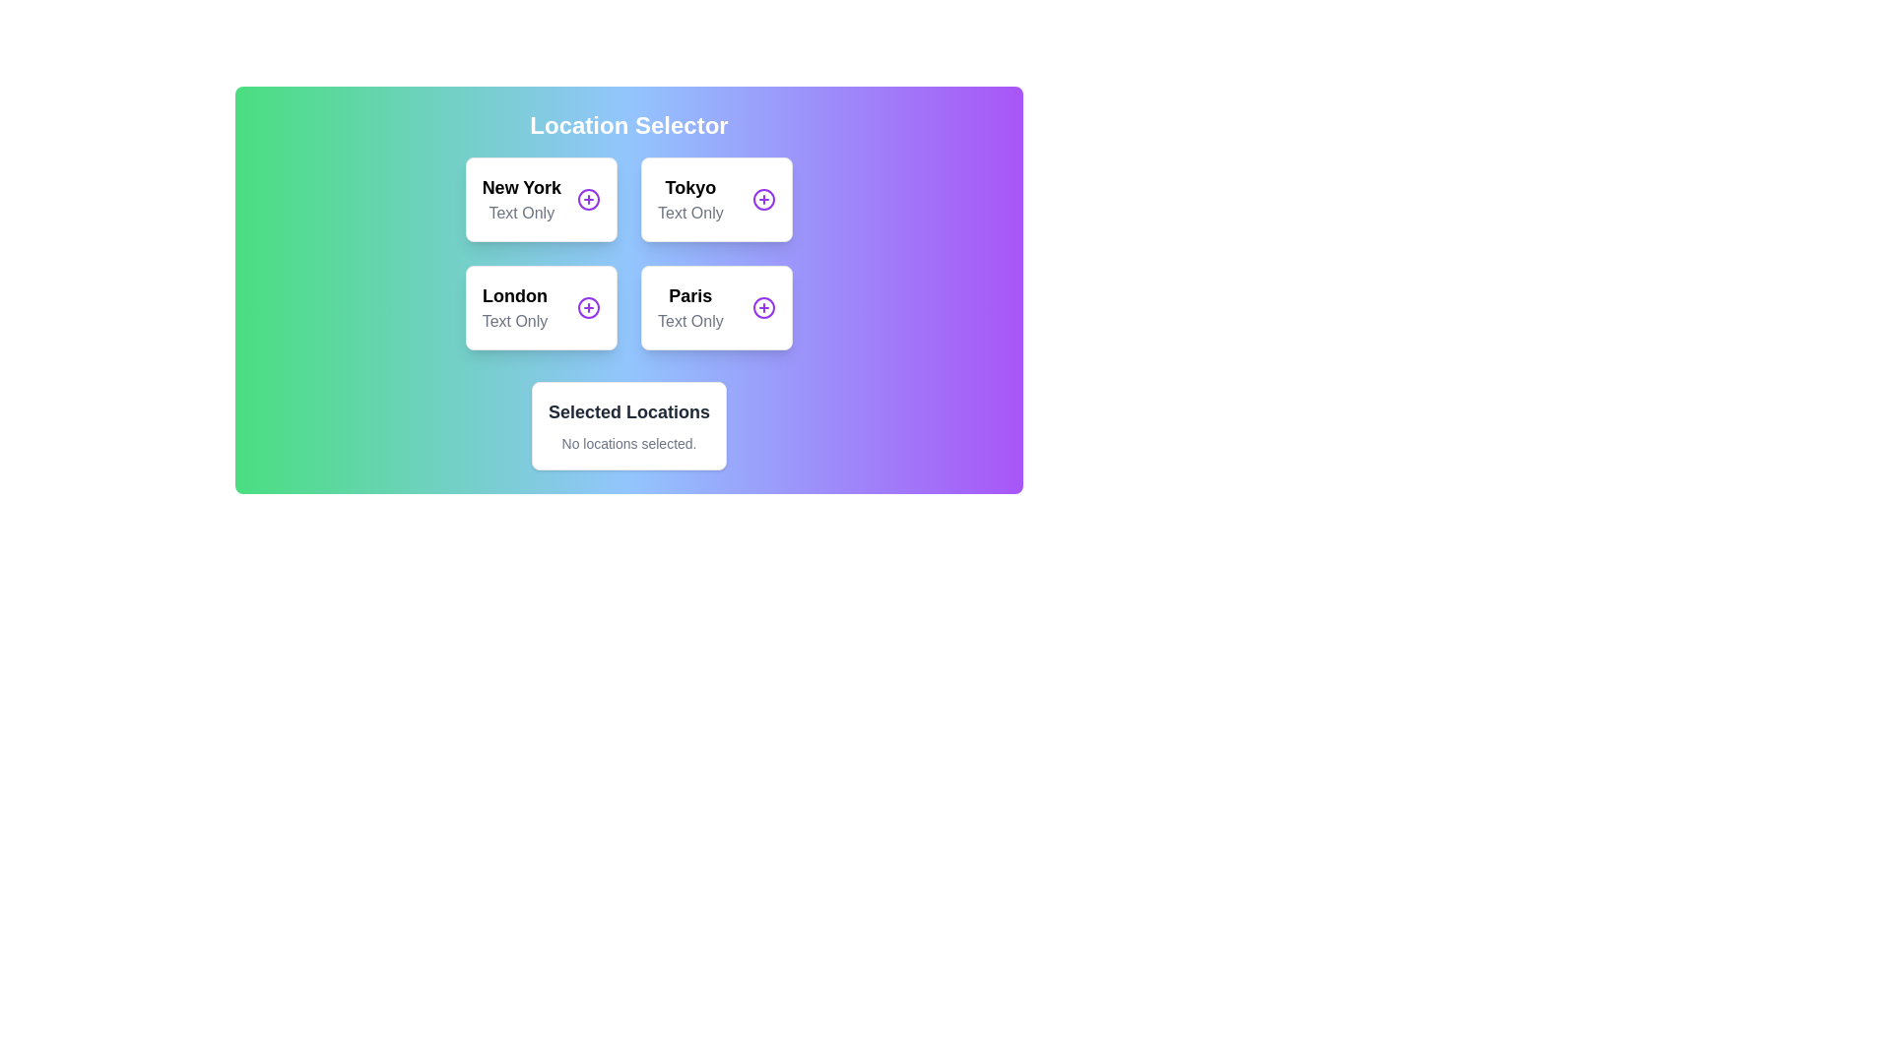 The height and width of the screenshot is (1063, 1891). Describe the element at coordinates (588, 307) in the screenshot. I see `the circular plus icon with a purple outline located centrally within the 'London' button in the grid layout` at that location.